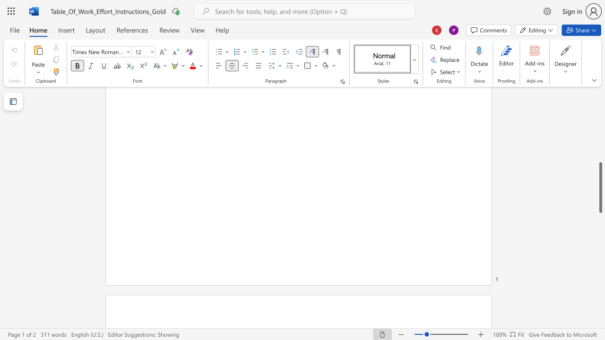 The image size is (605, 340). I want to click on the scrollbar on the side, so click(600, 122).